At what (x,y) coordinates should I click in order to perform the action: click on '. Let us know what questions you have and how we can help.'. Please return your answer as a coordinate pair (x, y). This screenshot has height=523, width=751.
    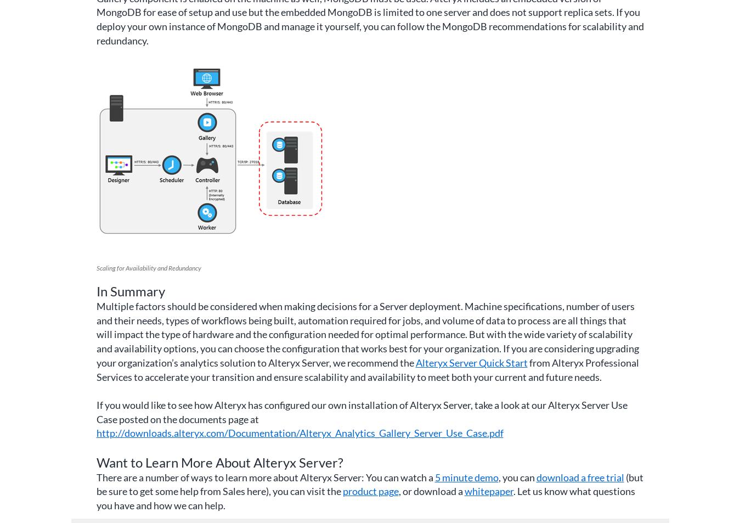
    Looking at the image, I should click on (365, 498).